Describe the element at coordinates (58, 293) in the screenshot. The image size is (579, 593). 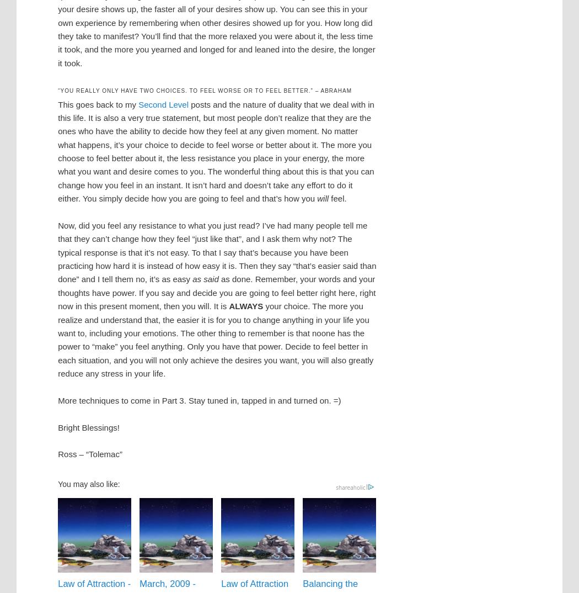
I see `'as done. Remember, your words and your thoughts have power. If you say and decide you are going to feel better right here, right now in this present moment, then you will. It is'` at that location.